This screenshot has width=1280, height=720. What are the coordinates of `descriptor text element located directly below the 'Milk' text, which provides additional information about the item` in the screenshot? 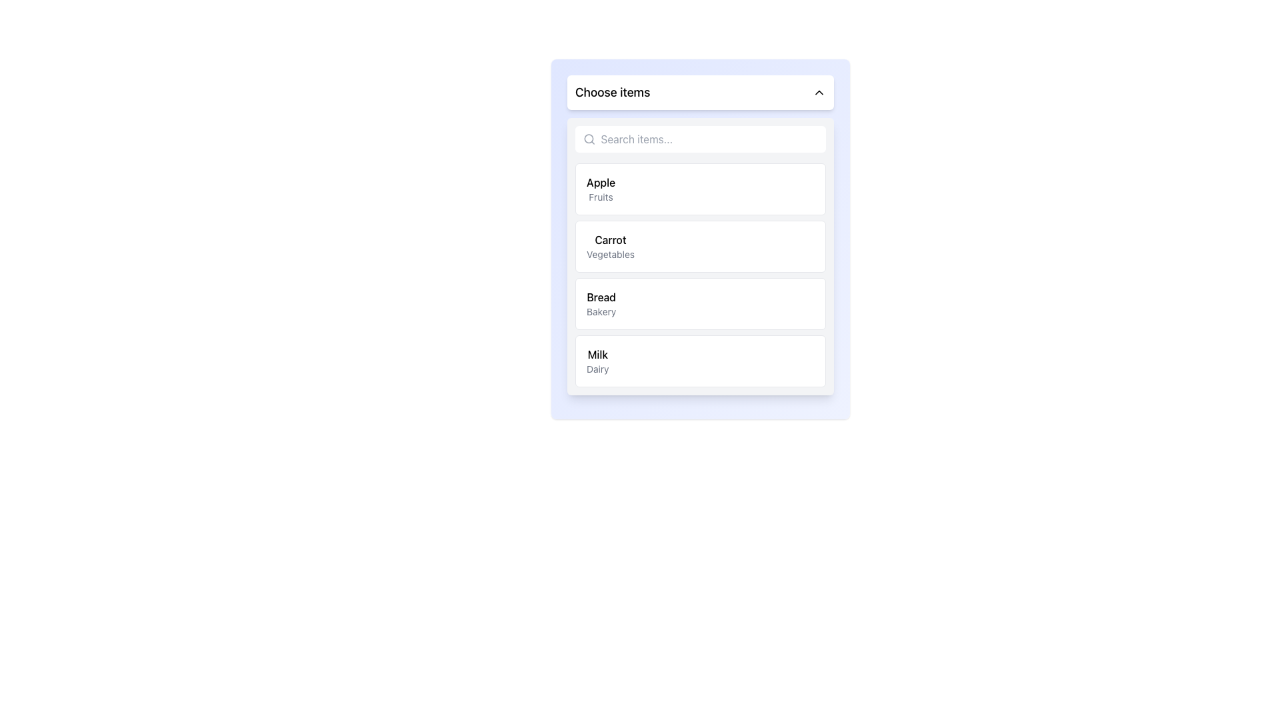 It's located at (597, 369).